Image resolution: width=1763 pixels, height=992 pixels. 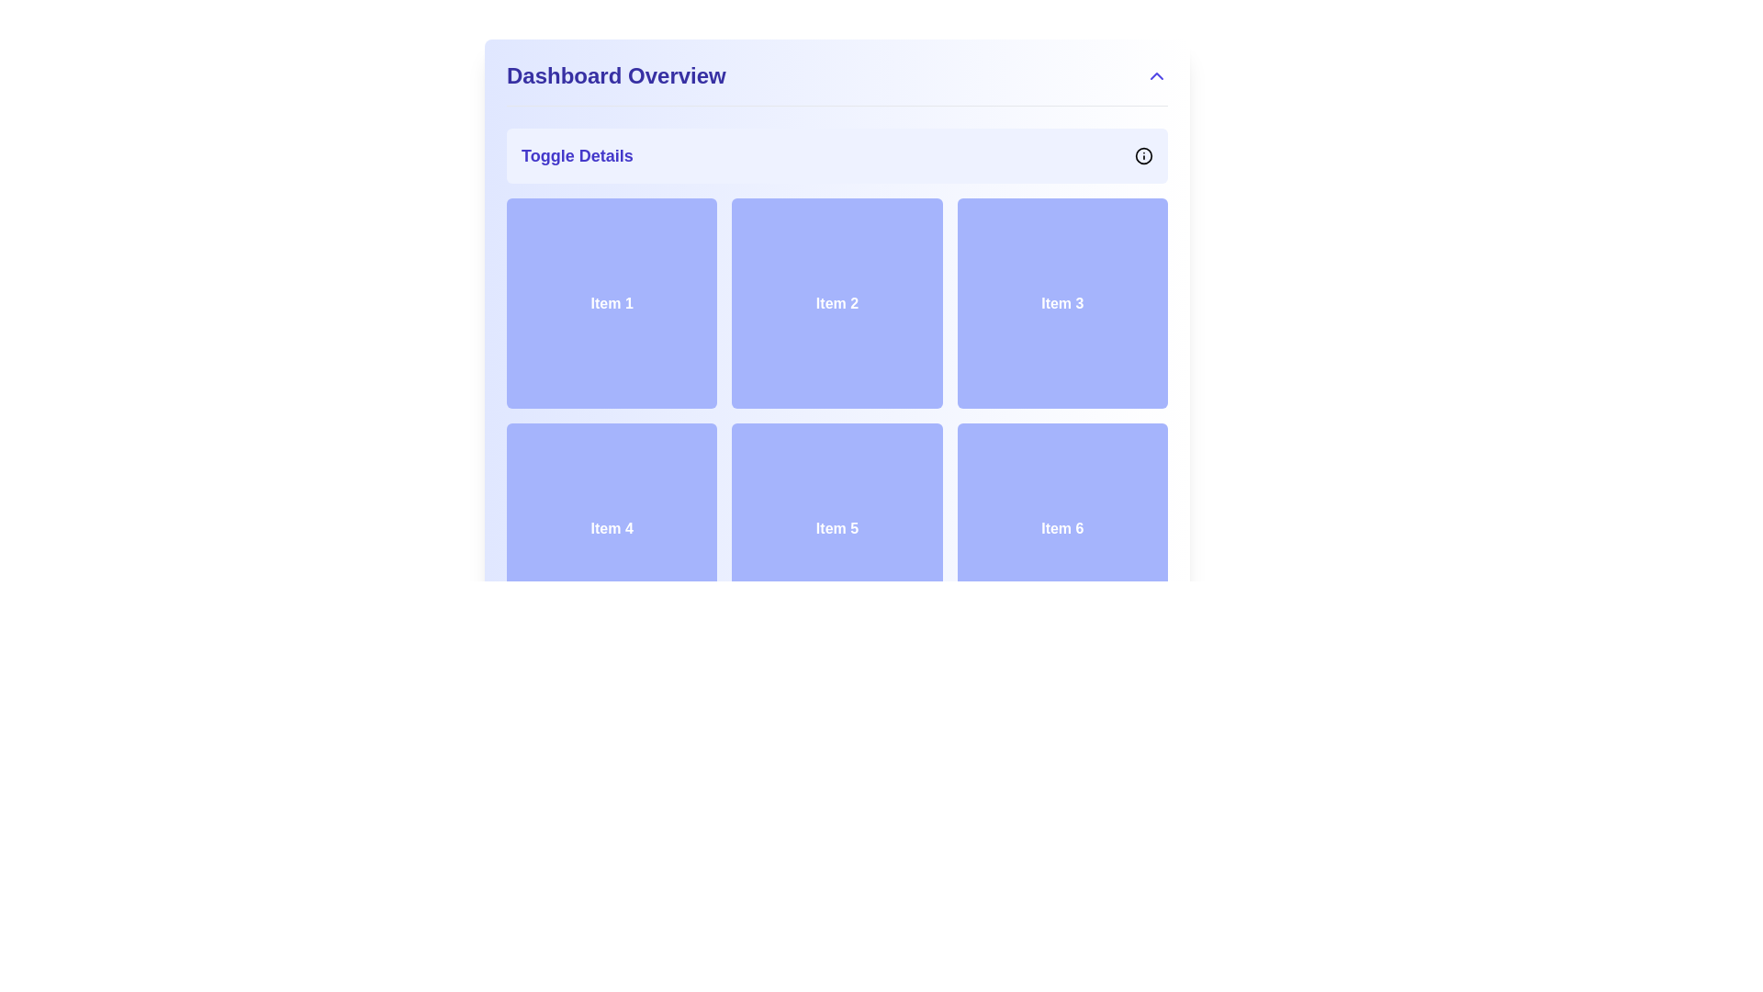 I want to click on the indigo chevron icon located at the top-right corner of the 'Dashboard Overview' header, so click(x=1155, y=75).